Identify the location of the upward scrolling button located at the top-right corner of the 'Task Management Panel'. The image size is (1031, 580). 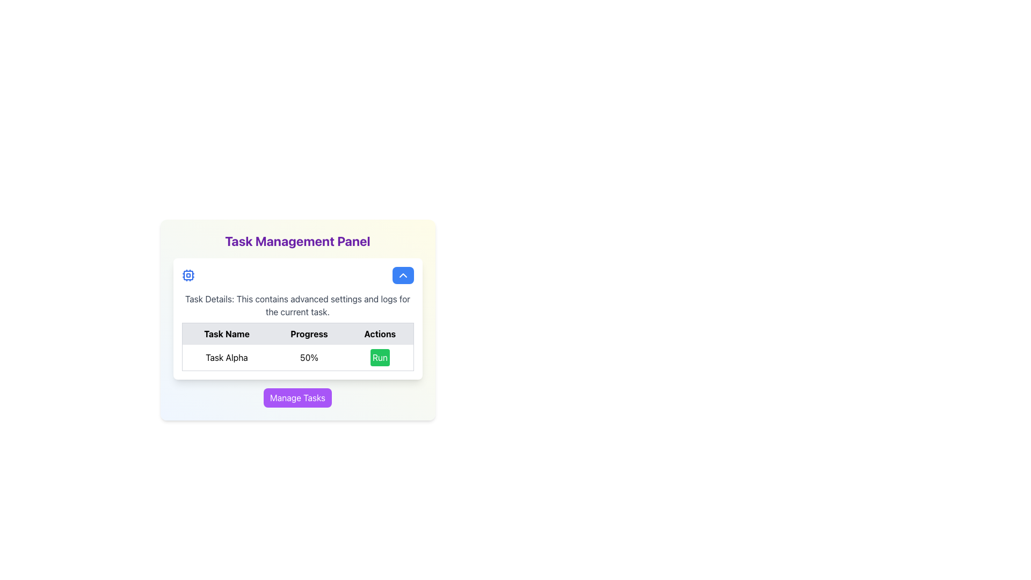
(402, 275).